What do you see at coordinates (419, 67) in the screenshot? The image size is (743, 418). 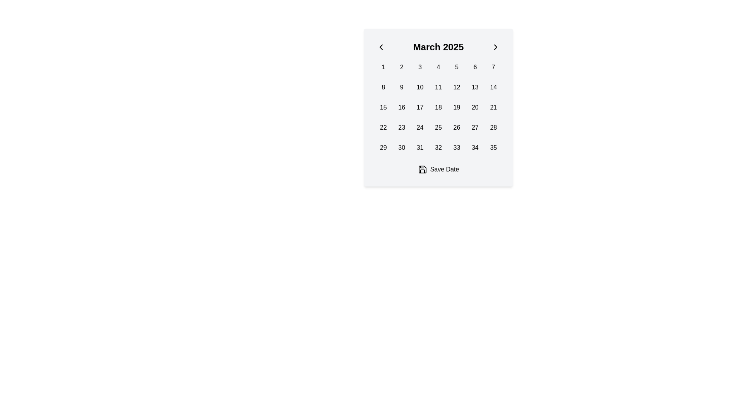 I see `the button labeled '3' in the calendar interface` at bounding box center [419, 67].